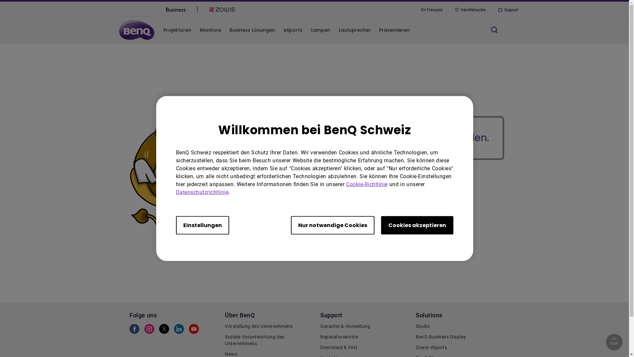  What do you see at coordinates (293, 30) in the screenshot?
I see `'eSports'` at bounding box center [293, 30].